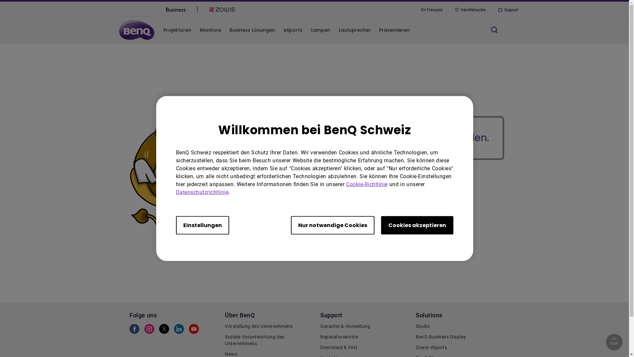  What do you see at coordinates (293, 30) in the screenshot?
I see `'eSports'` at bounding box center [293, 30].